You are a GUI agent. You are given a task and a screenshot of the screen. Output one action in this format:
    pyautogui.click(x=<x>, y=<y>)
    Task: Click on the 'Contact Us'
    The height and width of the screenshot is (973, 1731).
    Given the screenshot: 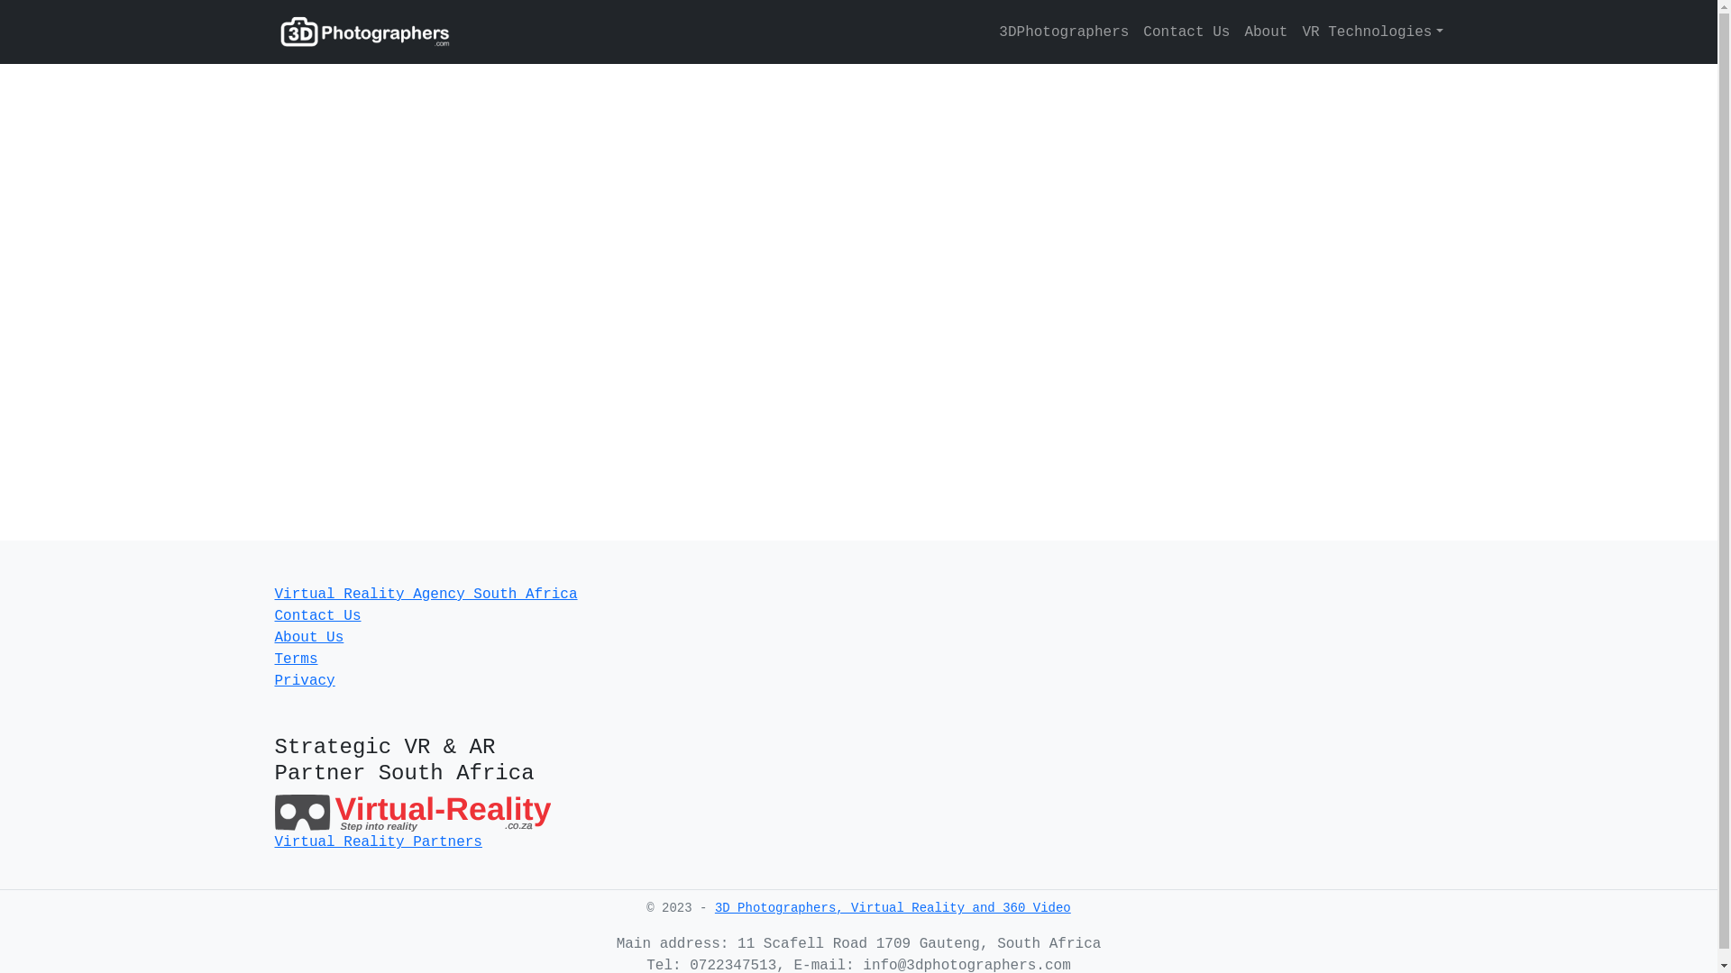 What is the action you would take?
    pyautogui.click(x=1186, y=32)
    